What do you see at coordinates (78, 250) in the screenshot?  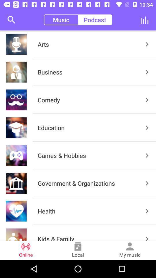 I see `the icon to the right of the online item` at bounding box center [78, 250].